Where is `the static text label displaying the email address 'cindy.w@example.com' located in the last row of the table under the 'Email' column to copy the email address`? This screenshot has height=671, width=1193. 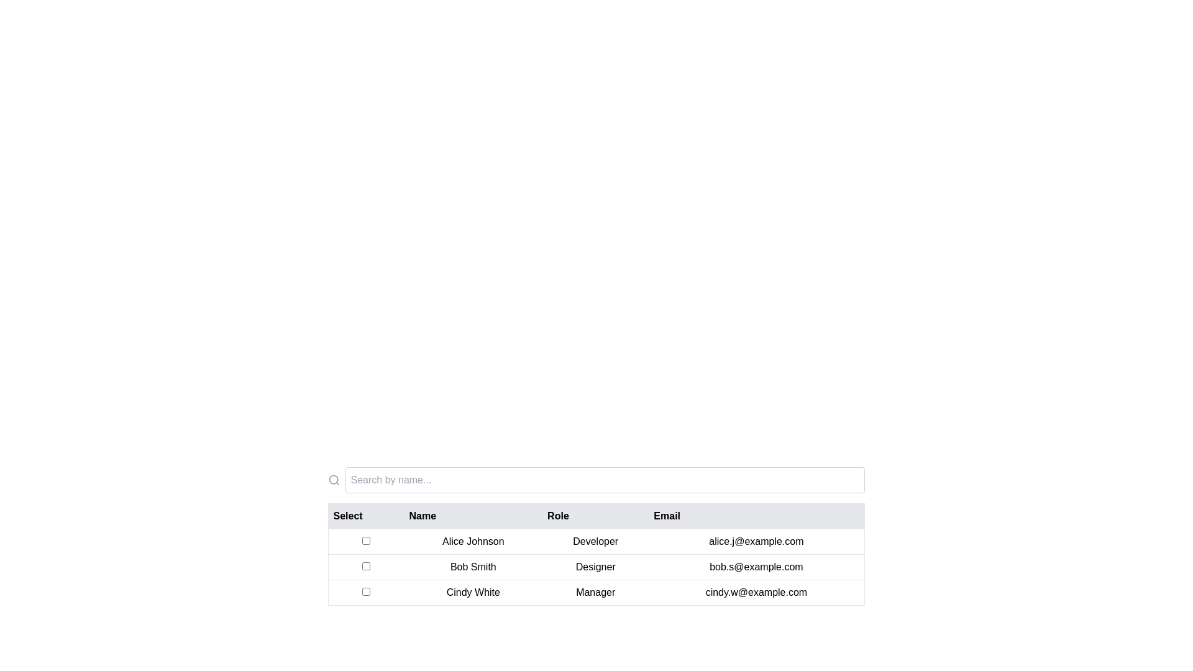 the static text label displaying the email address 'cindy.w@example.com' located in the last row of the table under the 'Email' column to copy the email address is located at coordinates (756, 591).